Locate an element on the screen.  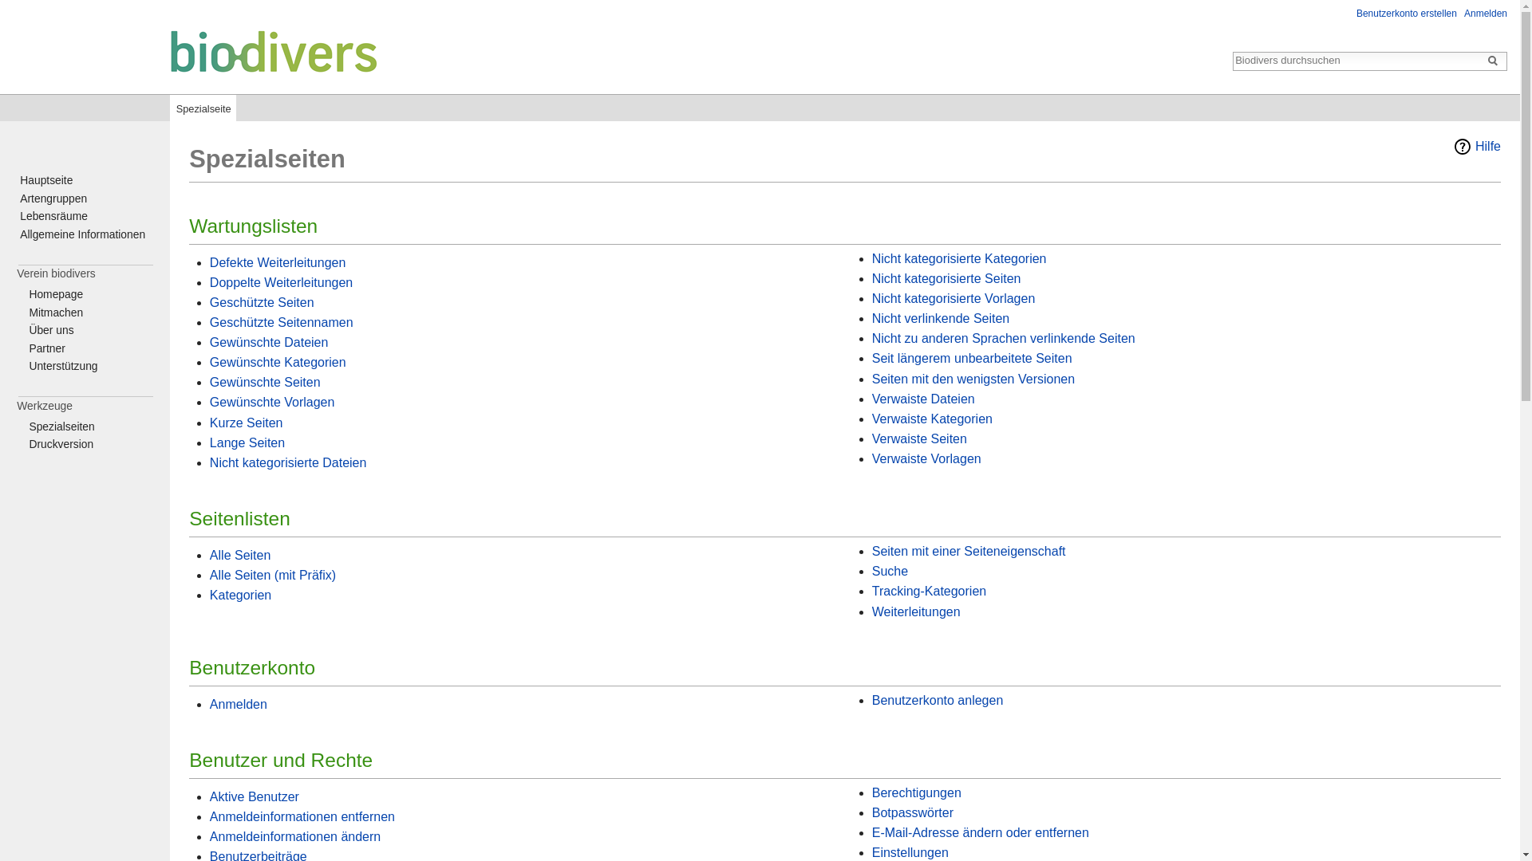
'Aktive Benutzer' is located at coordinates (253, 796).